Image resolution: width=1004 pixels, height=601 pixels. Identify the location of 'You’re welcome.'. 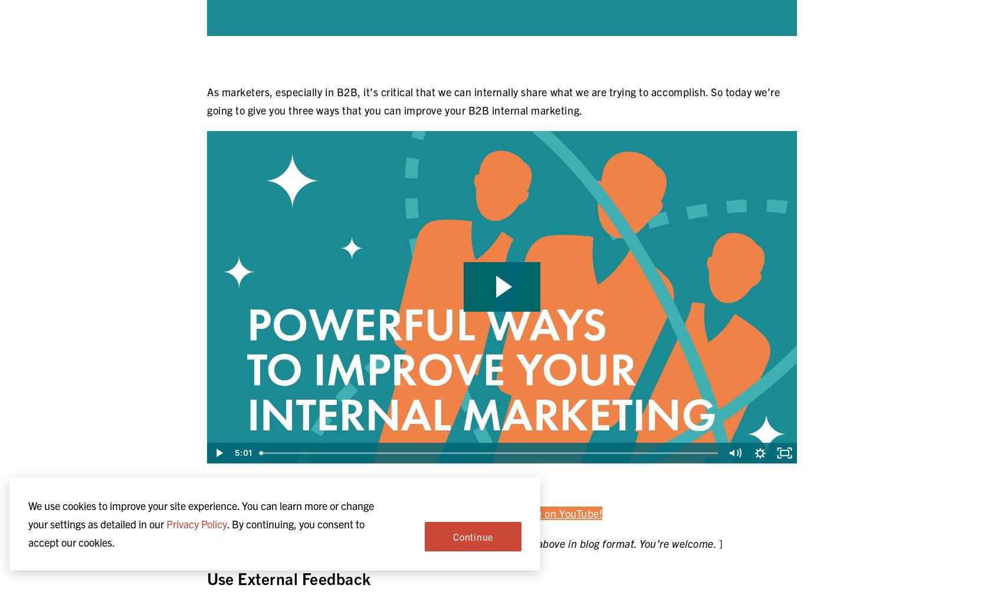
(679, 542).